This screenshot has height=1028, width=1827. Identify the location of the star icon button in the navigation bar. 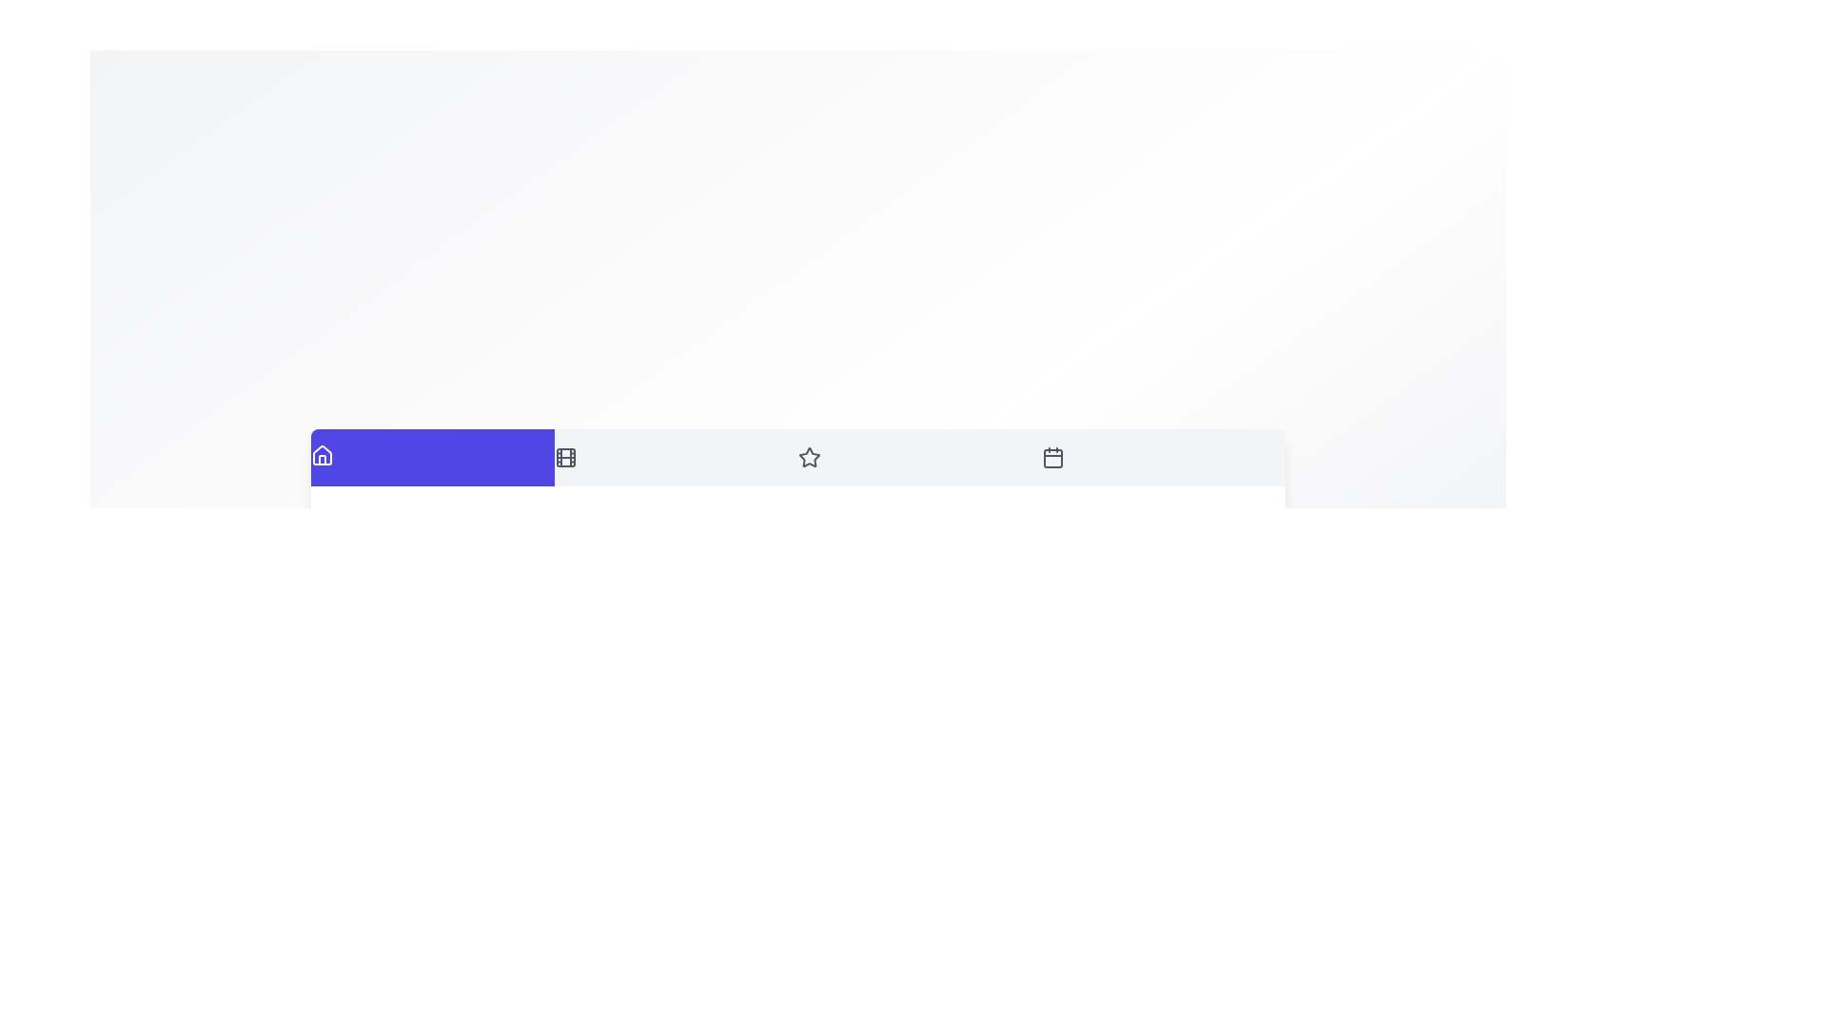
(809, 457).